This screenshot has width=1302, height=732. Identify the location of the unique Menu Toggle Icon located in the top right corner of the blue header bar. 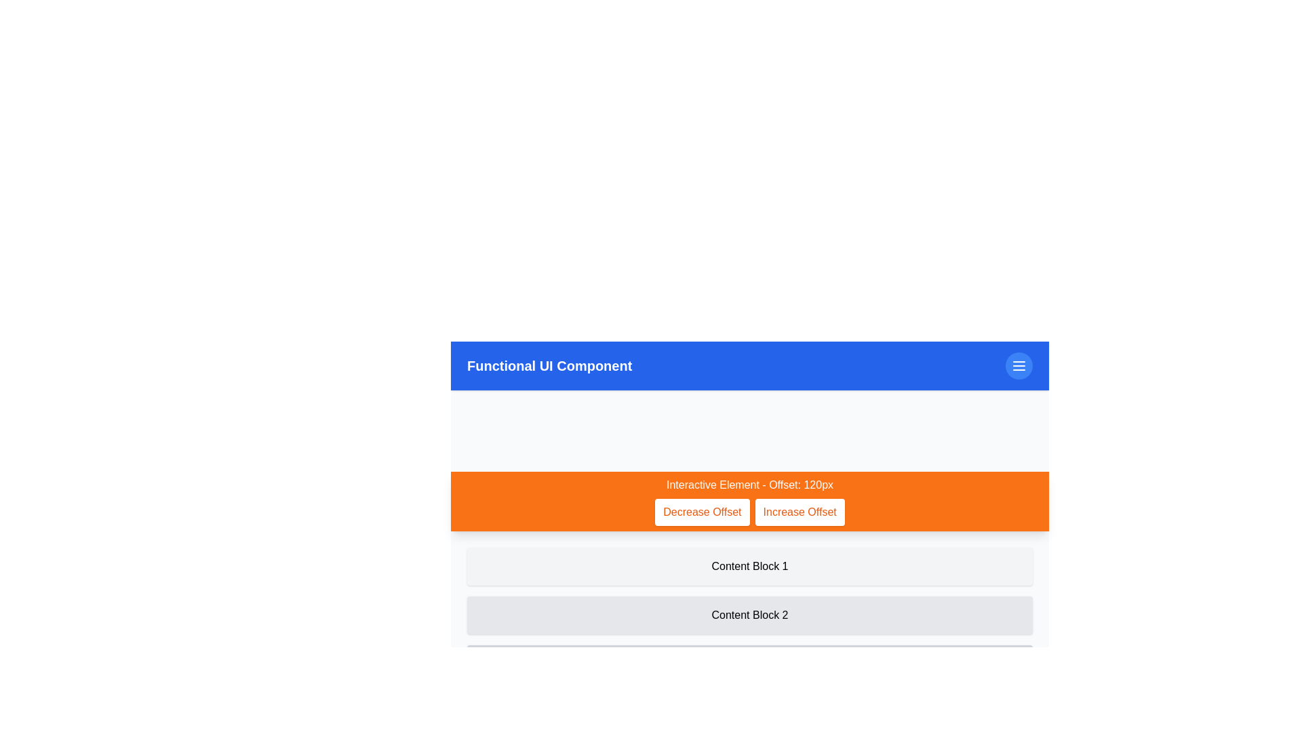
(1019, 366).